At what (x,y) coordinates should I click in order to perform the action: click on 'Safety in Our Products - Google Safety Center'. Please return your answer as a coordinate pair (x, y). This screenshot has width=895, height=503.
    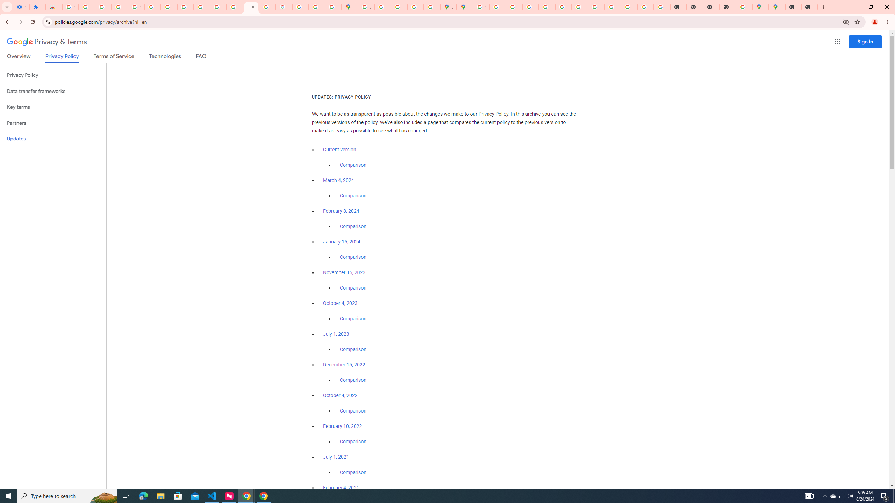
    Looking at the image, I should click on (432, 7).